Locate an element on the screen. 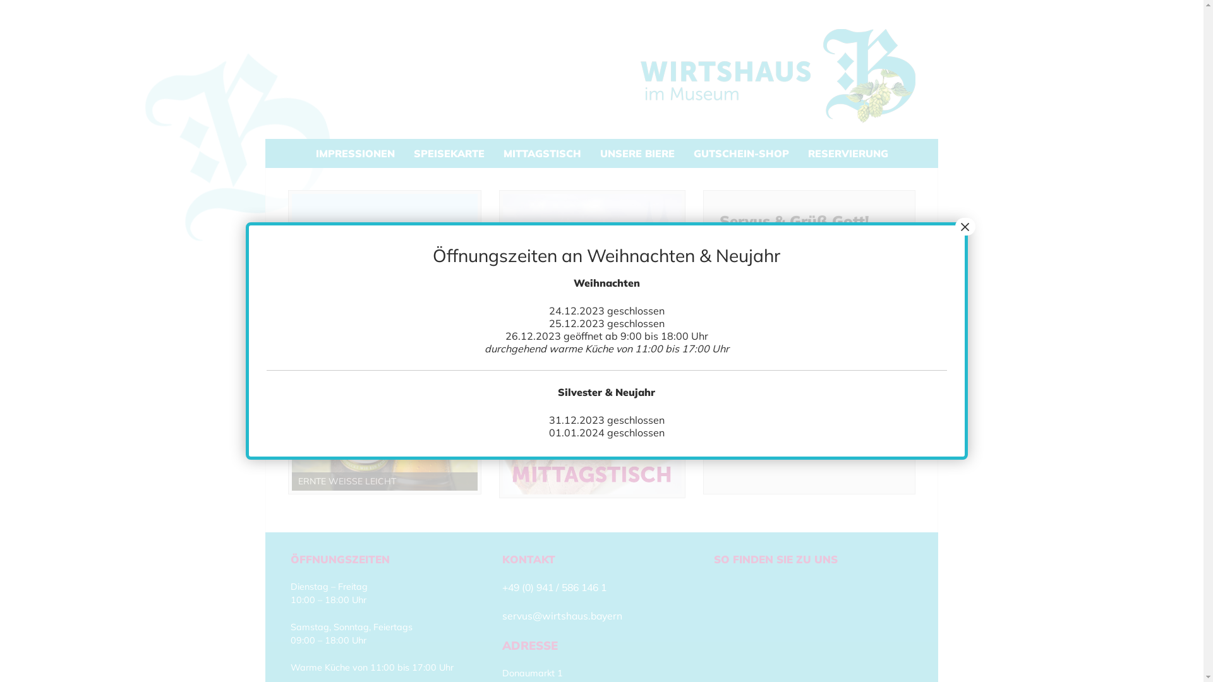 The width and height of the screenshot is (1213, 682). 'ernte-weisse' is located at coordinates (384, 342).